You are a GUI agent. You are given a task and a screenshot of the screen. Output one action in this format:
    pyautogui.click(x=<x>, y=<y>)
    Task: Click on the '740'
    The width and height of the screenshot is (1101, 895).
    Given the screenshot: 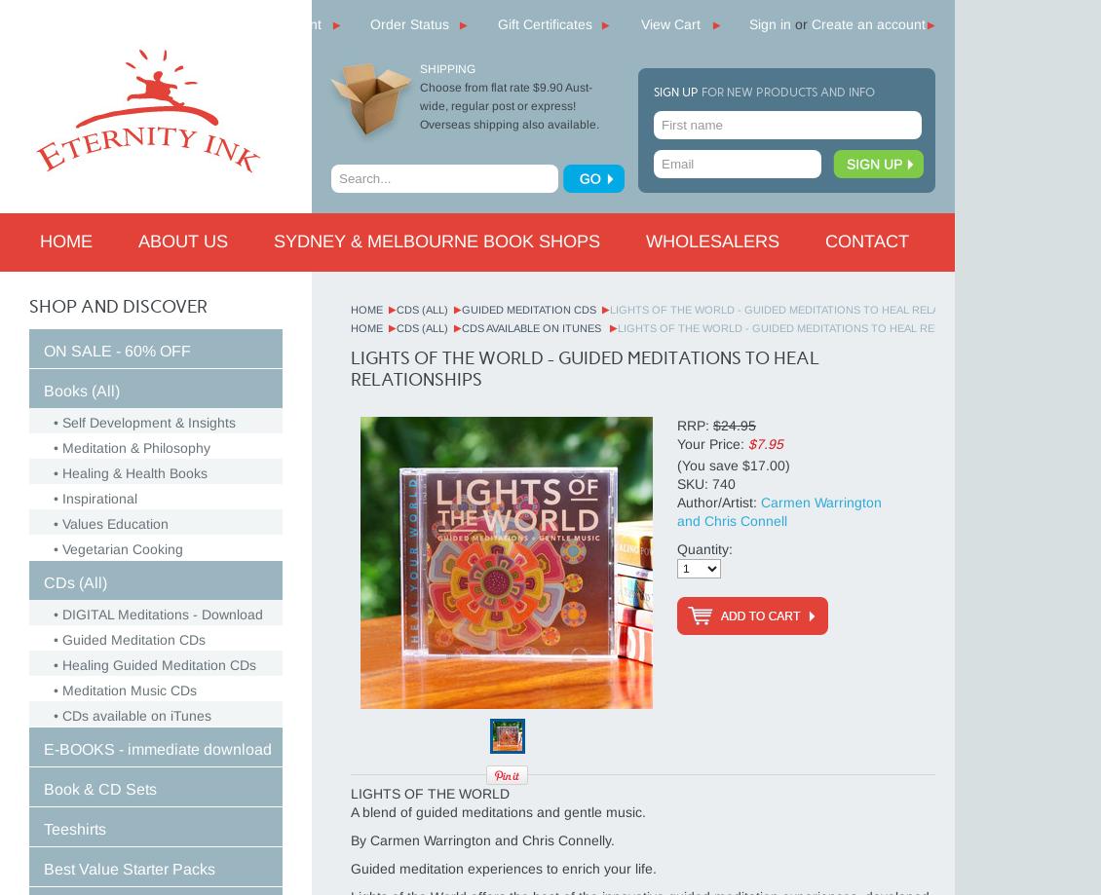 What is the action you would take?
    pyautogui.click(x=723, y=482)
    